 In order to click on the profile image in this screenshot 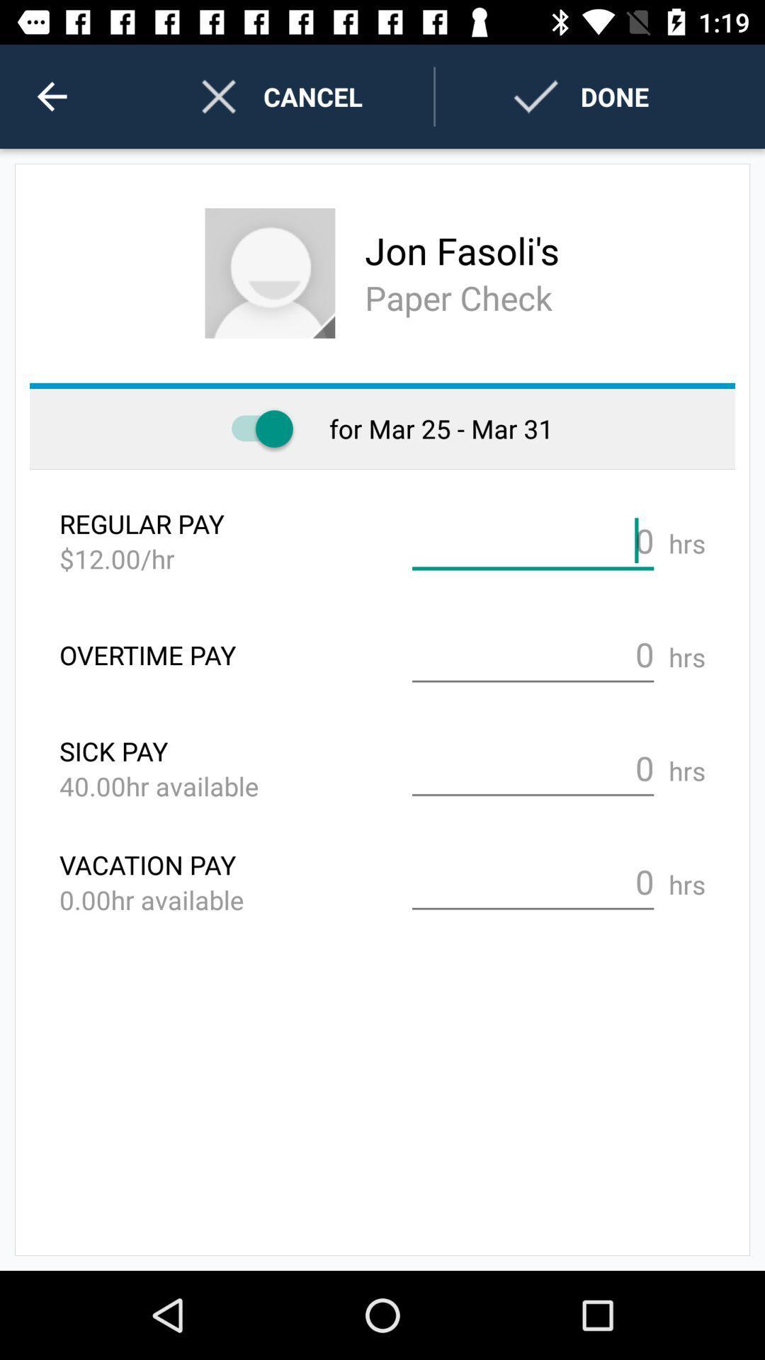, I will do `click(270, 273)`.